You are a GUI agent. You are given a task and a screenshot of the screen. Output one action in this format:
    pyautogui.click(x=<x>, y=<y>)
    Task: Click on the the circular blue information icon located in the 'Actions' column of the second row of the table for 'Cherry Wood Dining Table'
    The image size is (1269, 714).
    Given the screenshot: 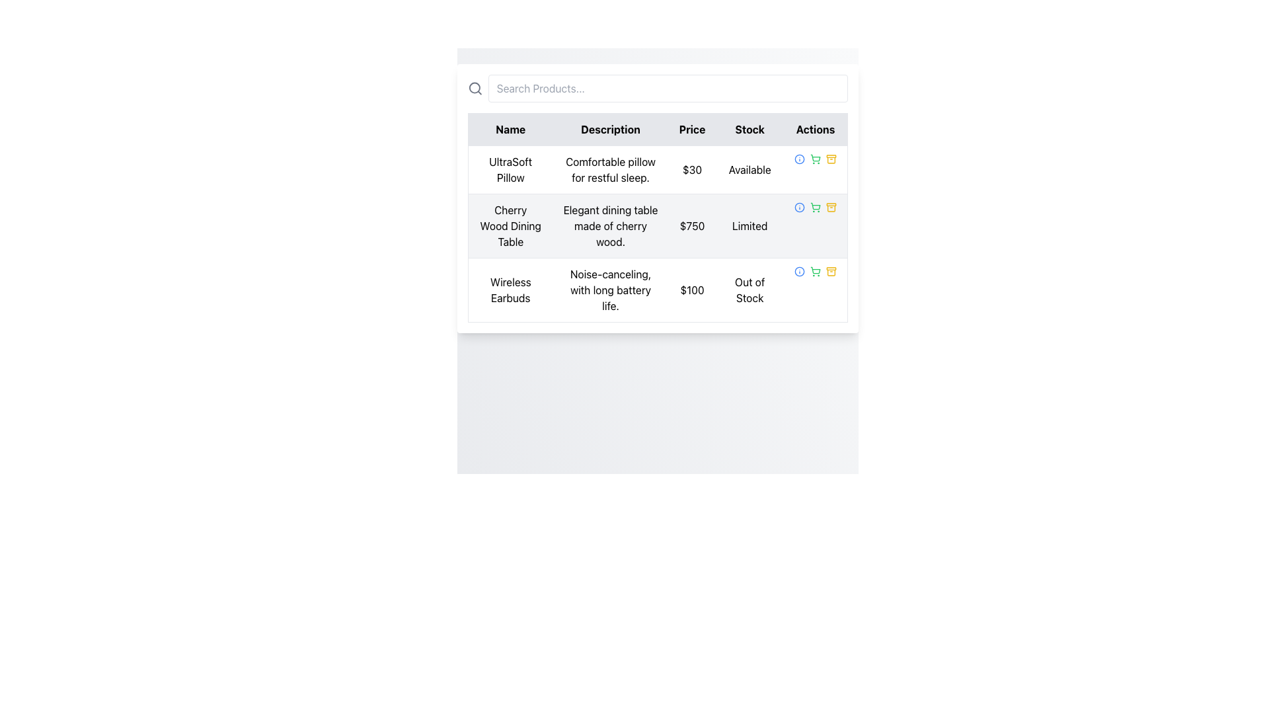 What is the action you would take?
    pyautogui.click(x=798, y=207)
    